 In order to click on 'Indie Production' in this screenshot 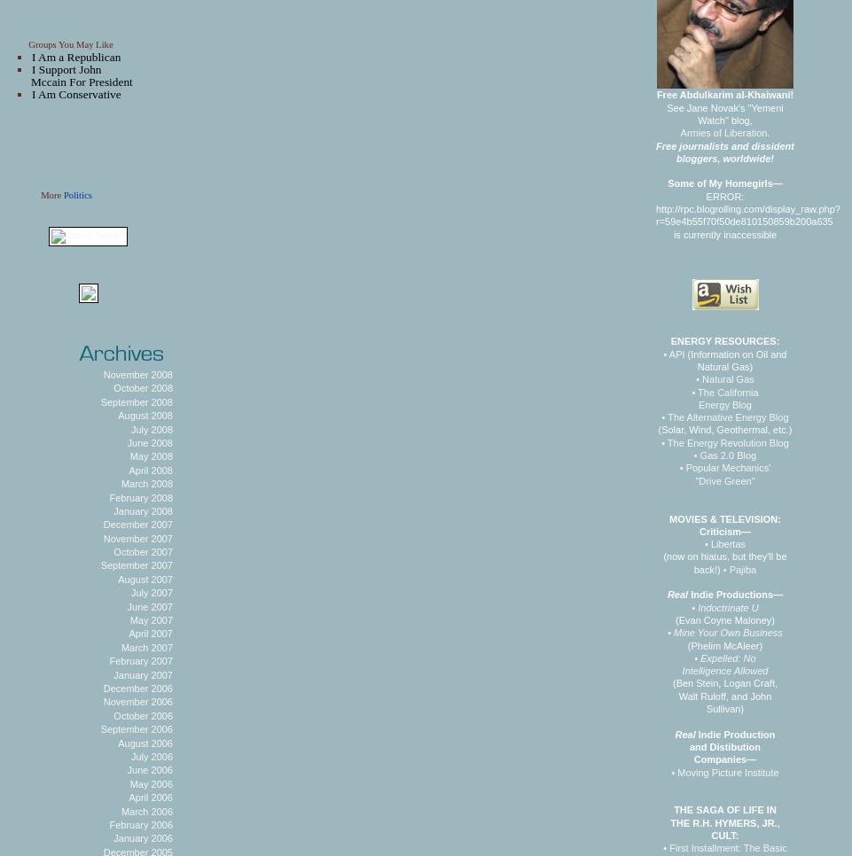, I will do `click(693, 733)`.